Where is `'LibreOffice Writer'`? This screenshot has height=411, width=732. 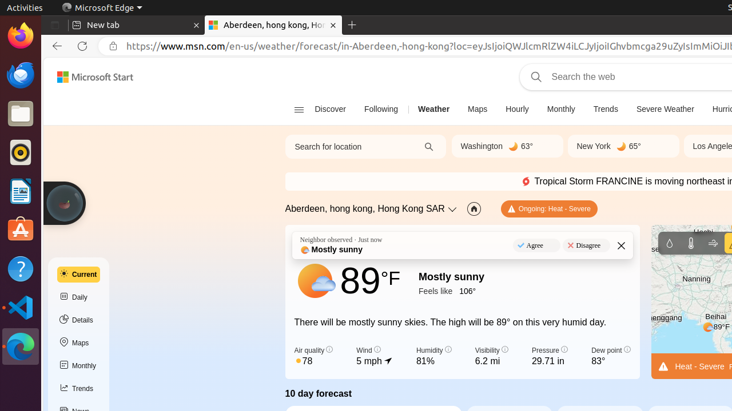
'LibreOffice Writer' is located at coordinates (20, 191).